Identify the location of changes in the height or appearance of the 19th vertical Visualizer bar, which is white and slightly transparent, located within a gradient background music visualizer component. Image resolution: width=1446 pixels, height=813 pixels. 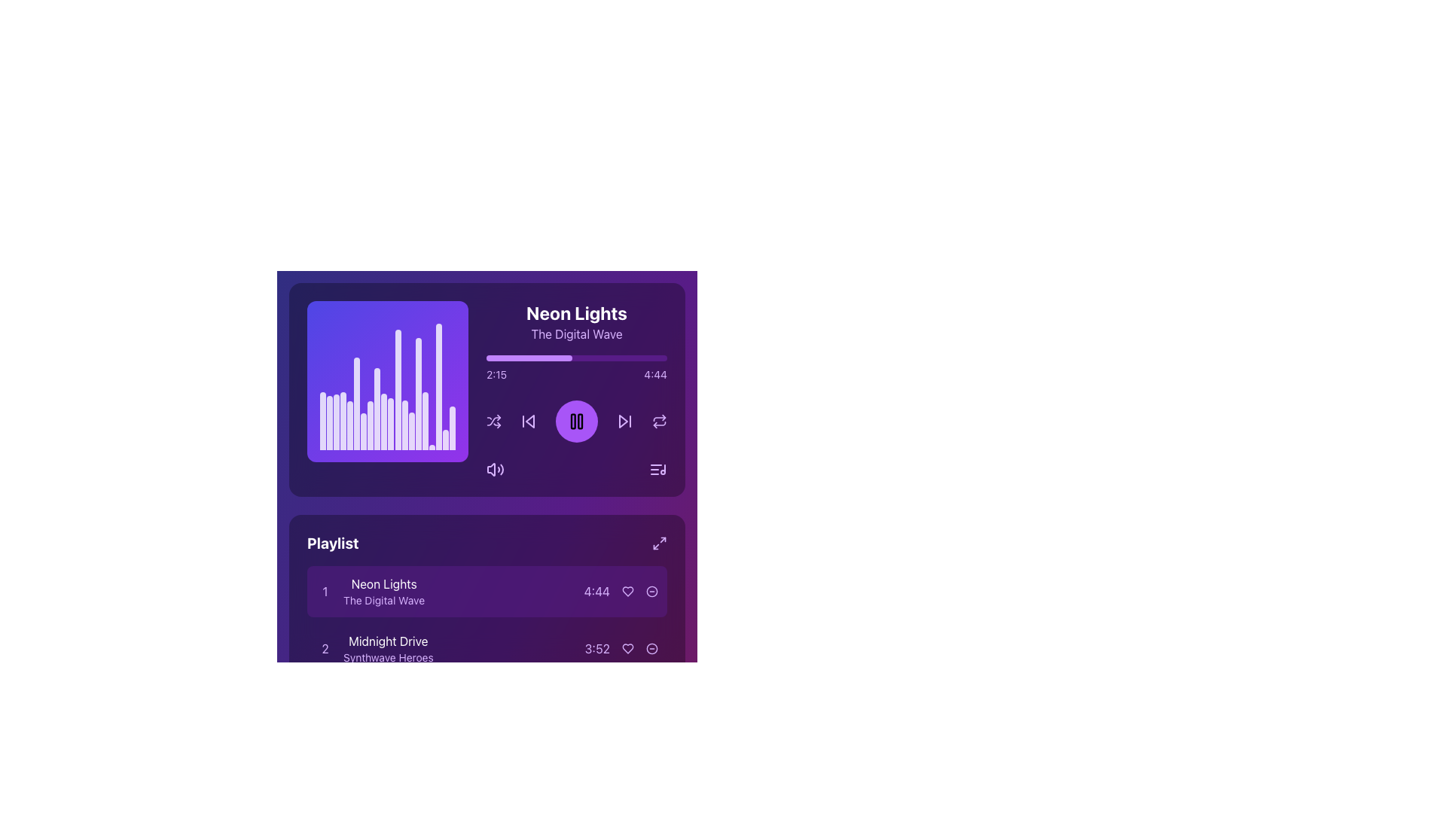
(452, 428).